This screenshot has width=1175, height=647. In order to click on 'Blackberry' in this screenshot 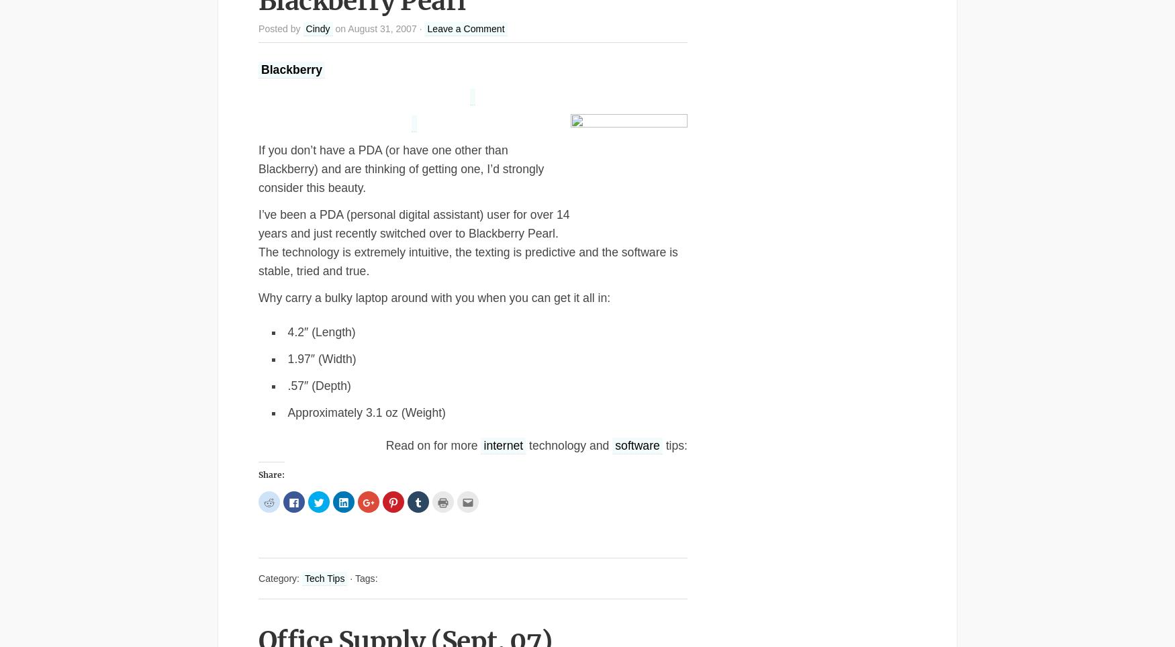, I will do `click(291, 69)`.